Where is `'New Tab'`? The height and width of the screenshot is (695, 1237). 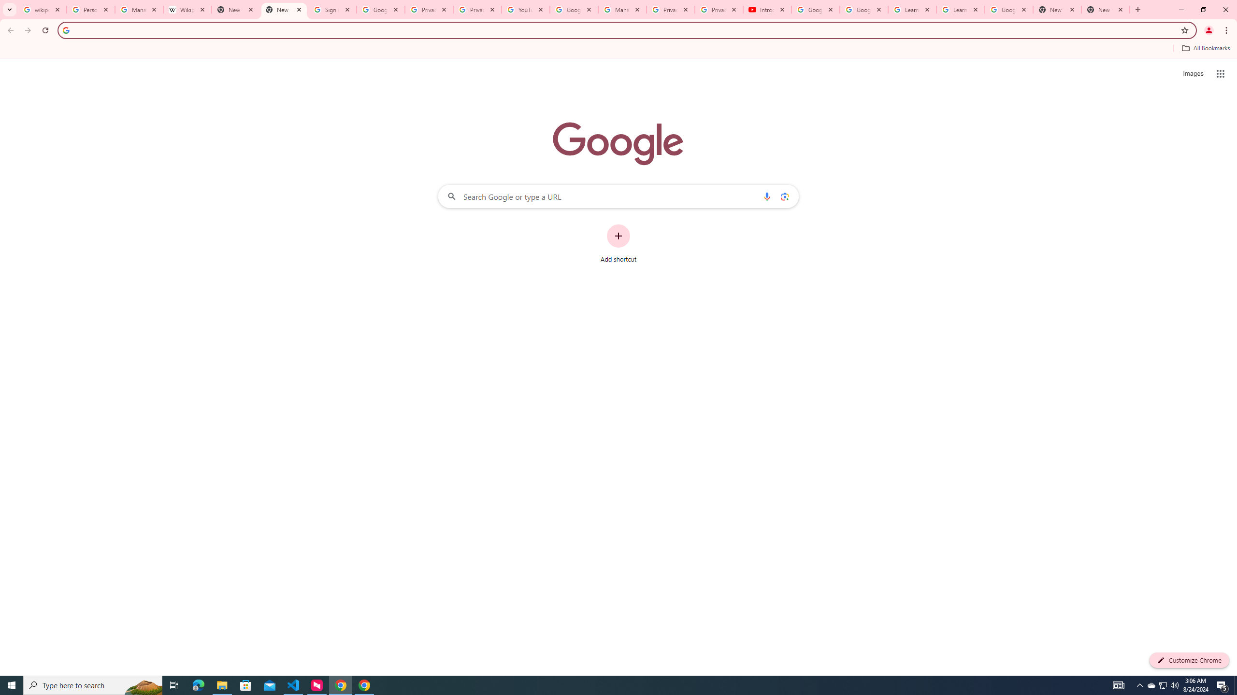 'New Tab' is located at coordinates (1105, 9).